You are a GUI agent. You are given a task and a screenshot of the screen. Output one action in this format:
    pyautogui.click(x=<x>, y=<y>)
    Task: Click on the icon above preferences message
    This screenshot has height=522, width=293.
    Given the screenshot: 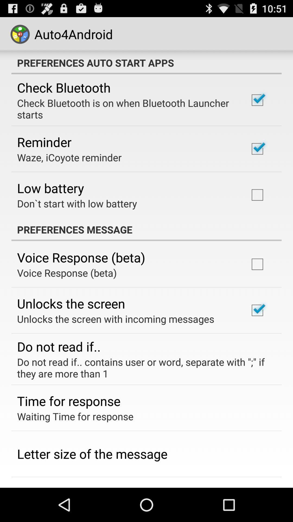 What is the action you would take?
    pyautogui.click(x=77, y=203)
    